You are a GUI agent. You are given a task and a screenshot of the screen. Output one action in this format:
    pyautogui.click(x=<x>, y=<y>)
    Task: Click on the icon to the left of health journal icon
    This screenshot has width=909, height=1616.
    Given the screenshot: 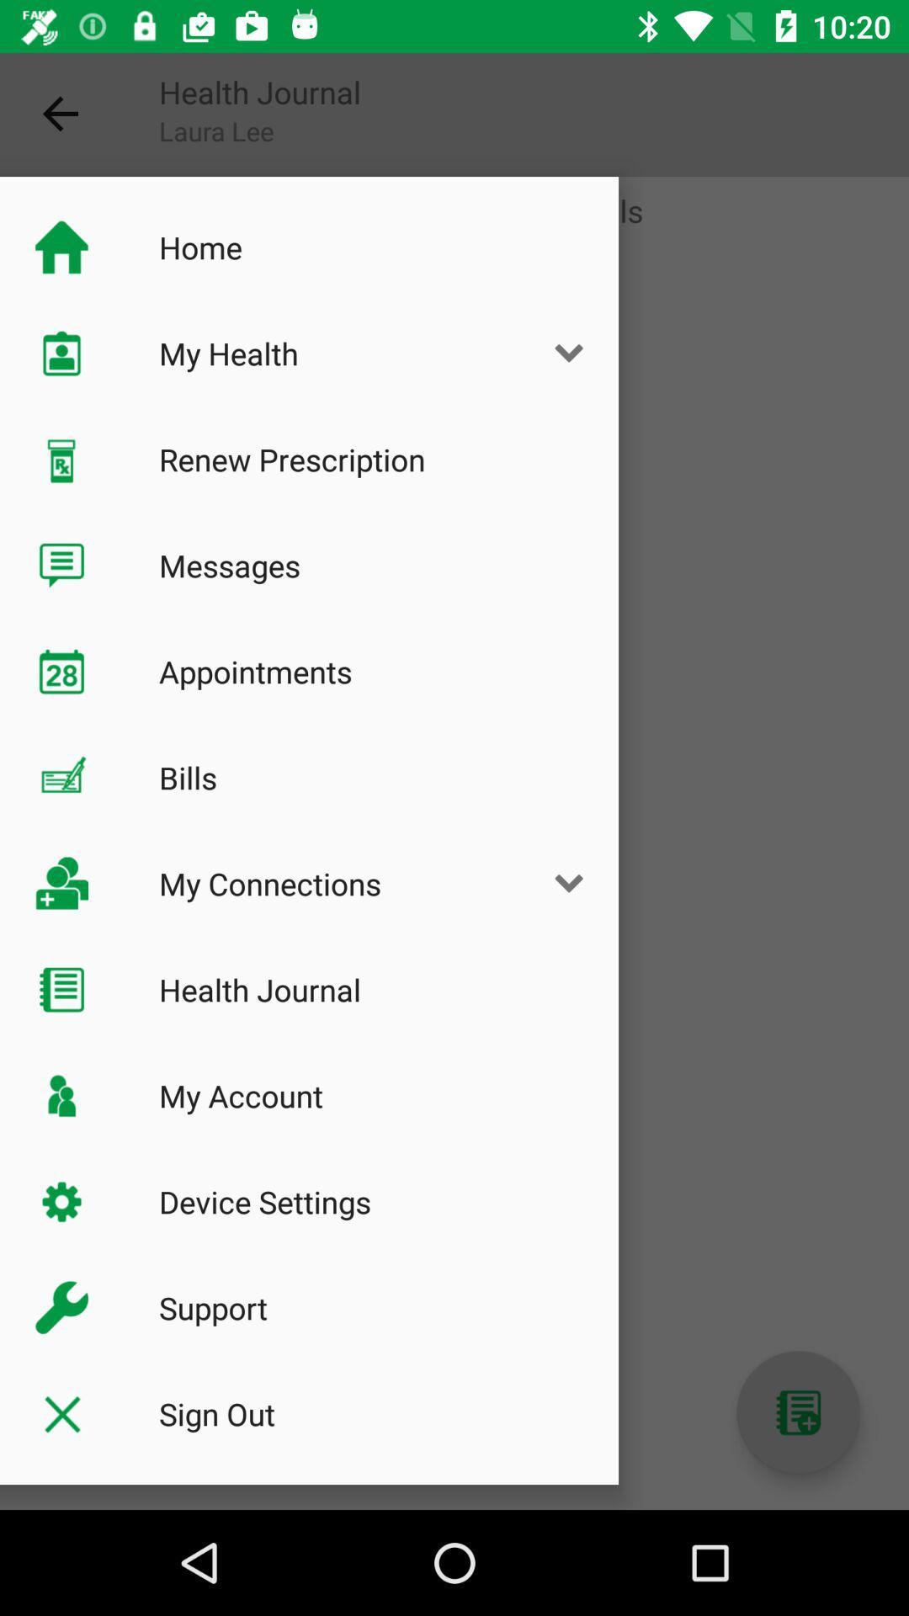 What is the action you would take?
    pyautogui.click(x=61, y=114)
    